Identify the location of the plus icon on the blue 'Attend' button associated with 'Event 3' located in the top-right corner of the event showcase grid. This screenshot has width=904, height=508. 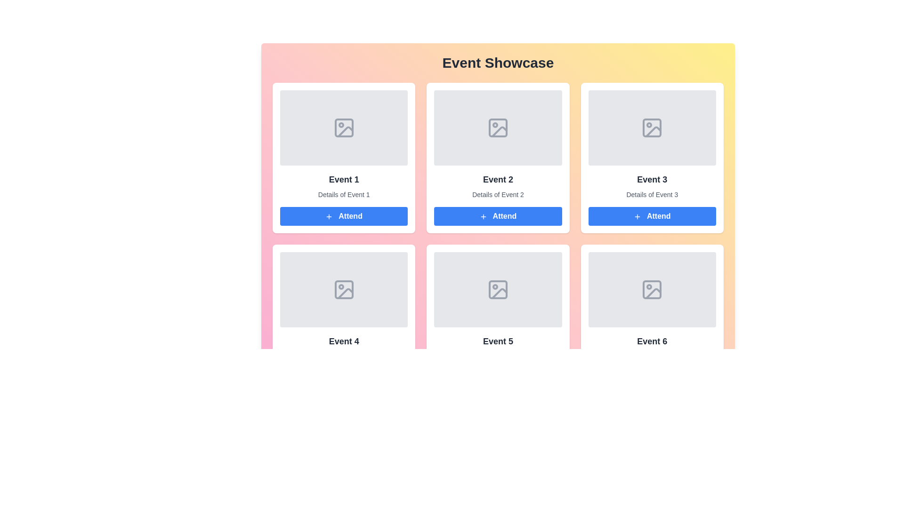
(637, 216).